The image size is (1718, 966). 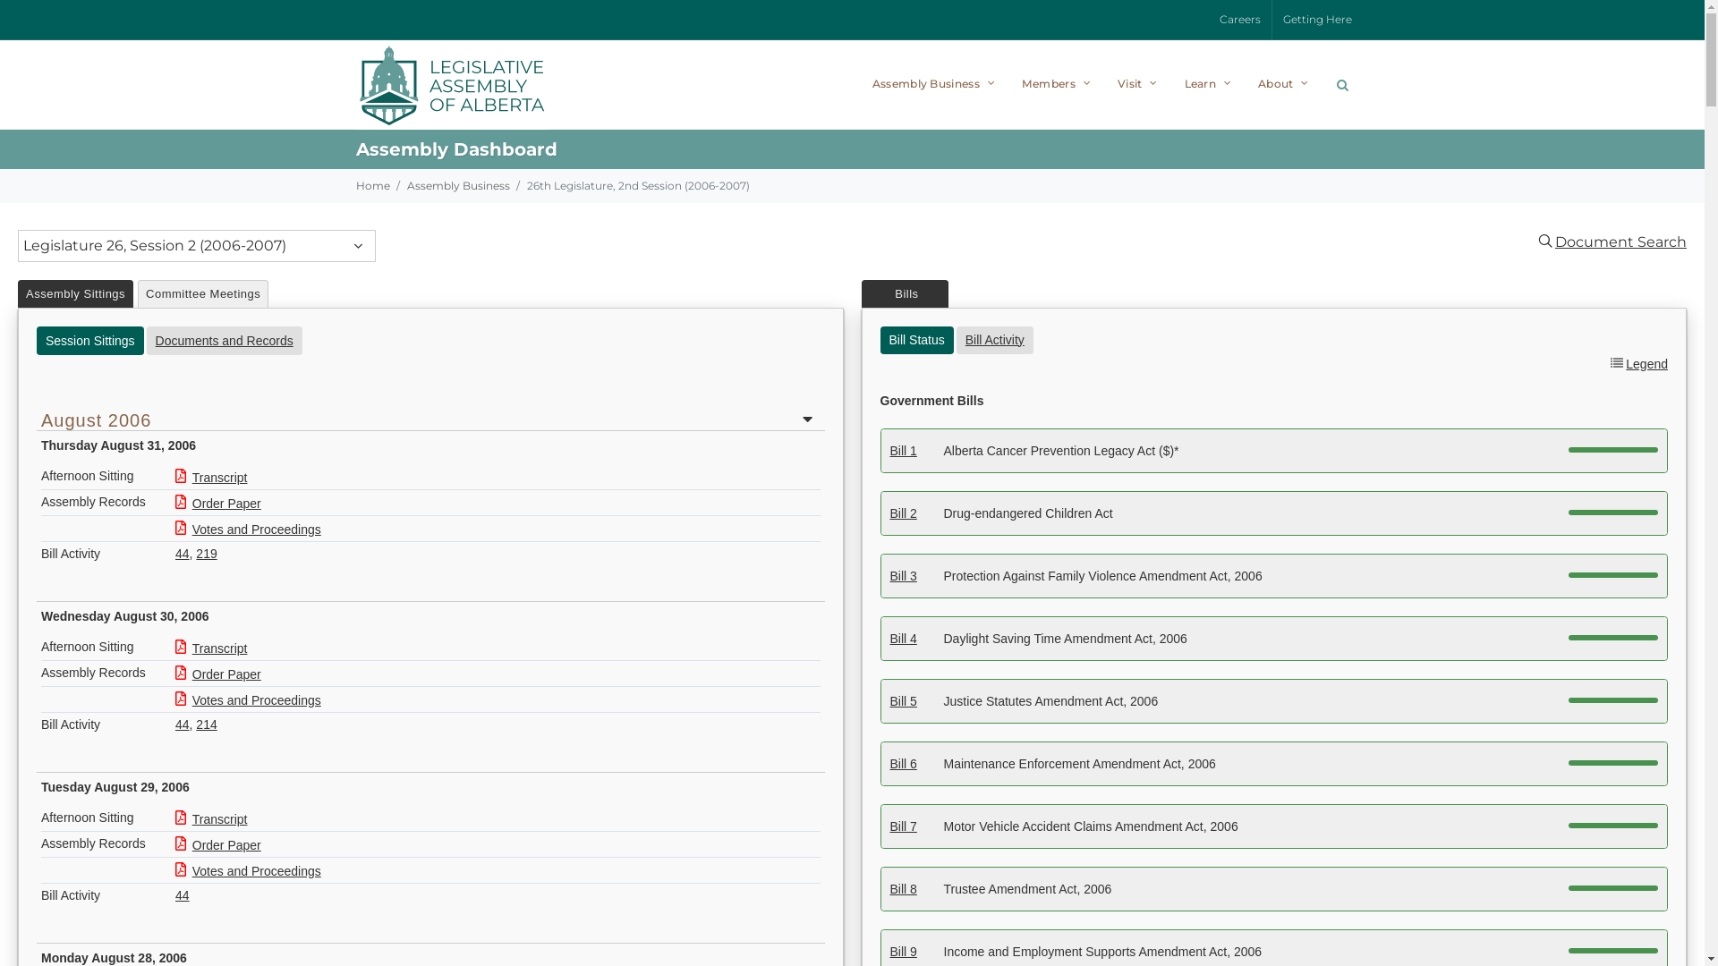 What do you see at coordinates (889, 576) in the screenshot?
I see `'Bill 3'` at bounding box center [889, 576].